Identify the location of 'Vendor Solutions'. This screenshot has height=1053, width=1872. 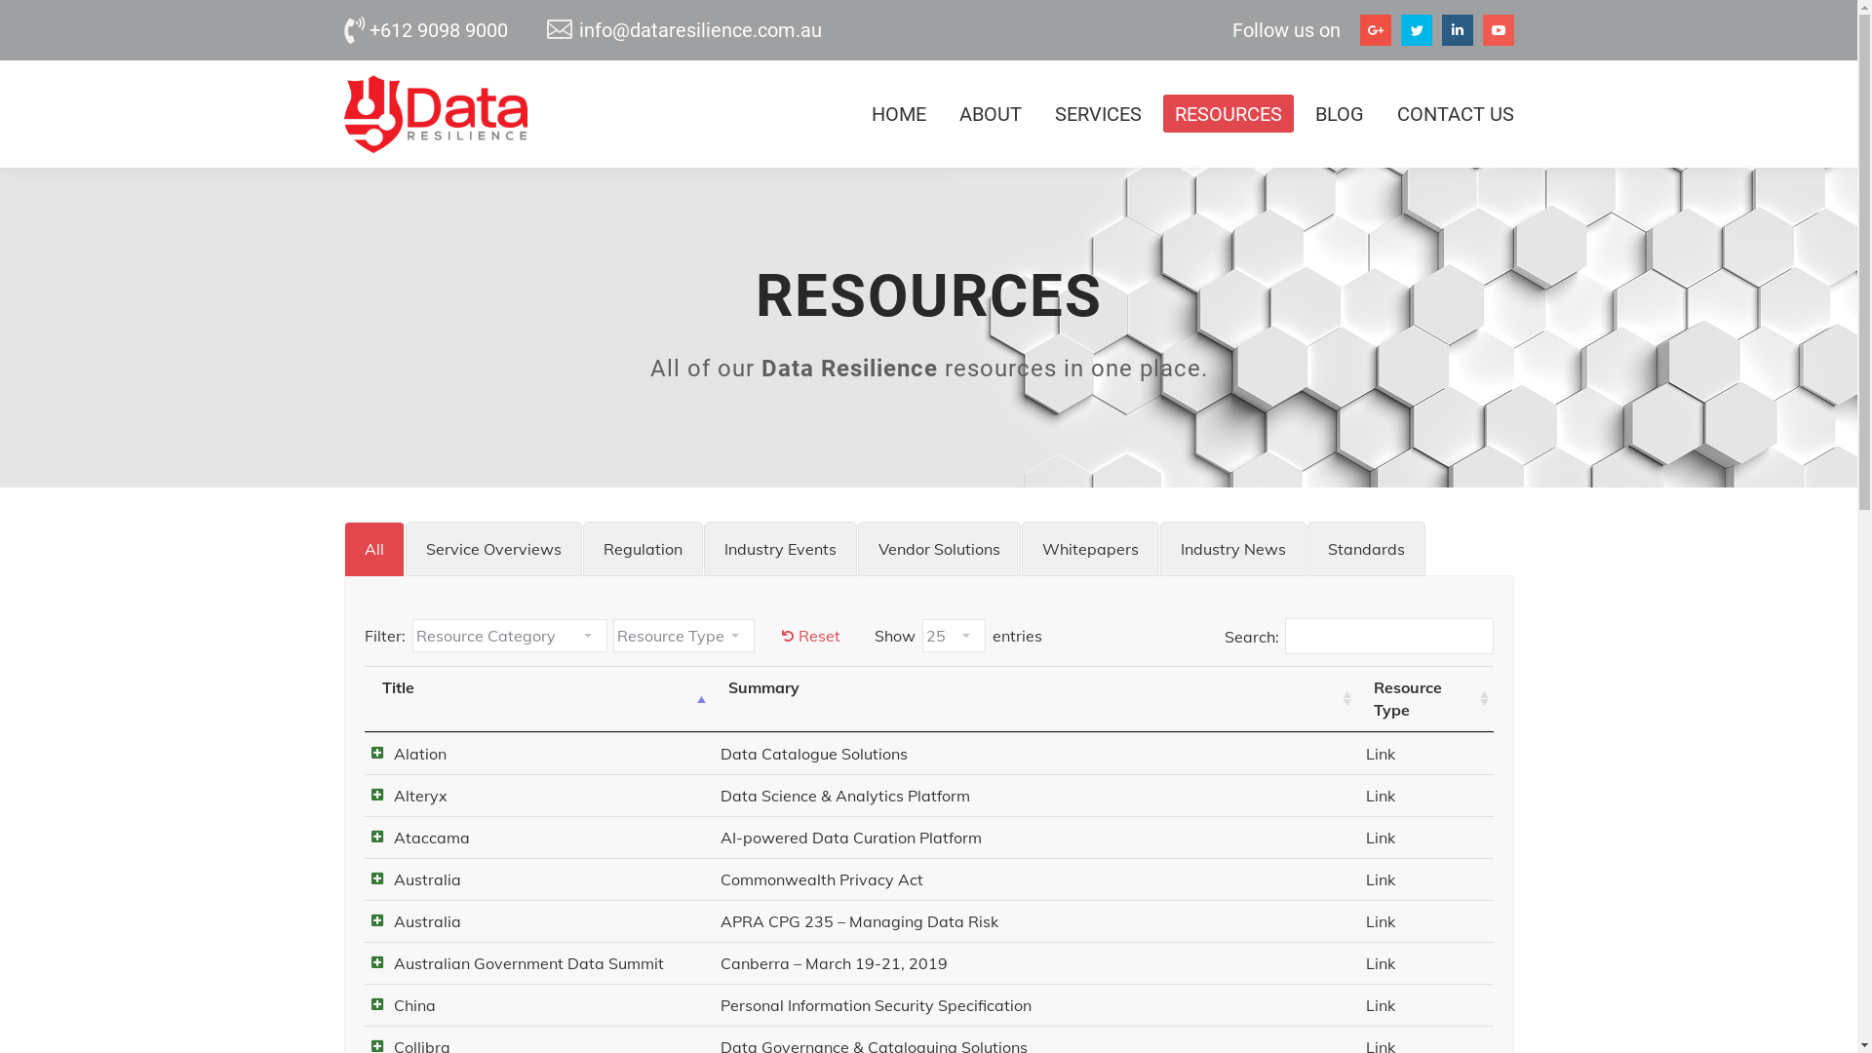
(939, 549).